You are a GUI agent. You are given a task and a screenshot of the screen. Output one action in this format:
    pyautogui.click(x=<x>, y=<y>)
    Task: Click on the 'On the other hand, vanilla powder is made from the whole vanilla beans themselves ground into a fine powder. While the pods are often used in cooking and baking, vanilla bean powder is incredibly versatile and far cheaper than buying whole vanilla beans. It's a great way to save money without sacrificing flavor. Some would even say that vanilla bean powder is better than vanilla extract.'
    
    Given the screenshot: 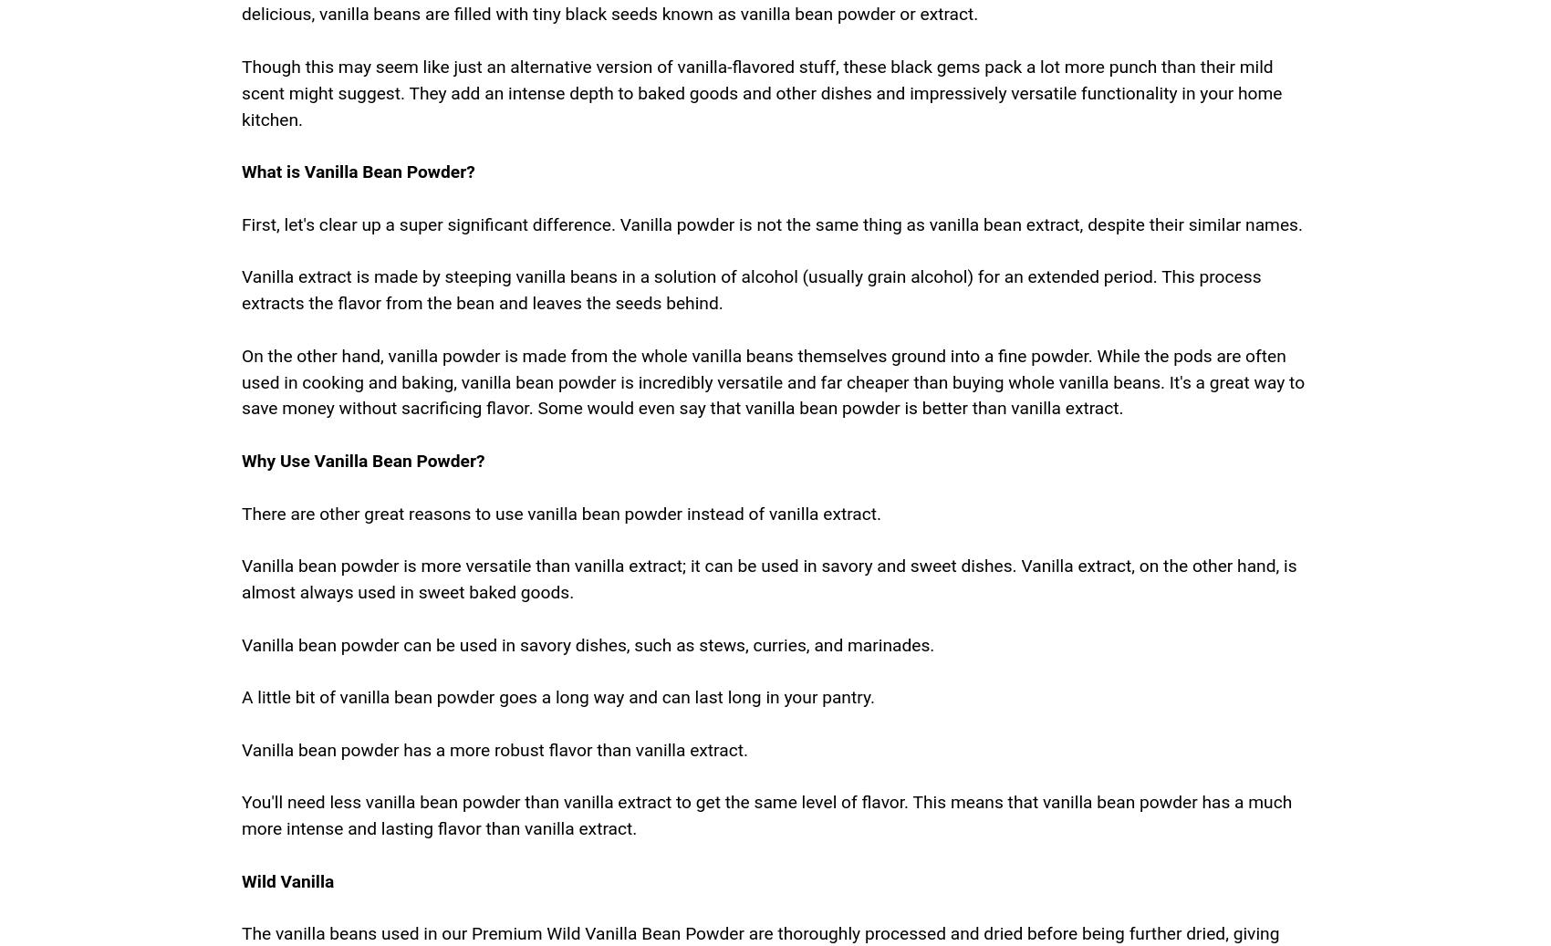 What is the action you would take?
    pyautogui.click(x=772, y=380)
    